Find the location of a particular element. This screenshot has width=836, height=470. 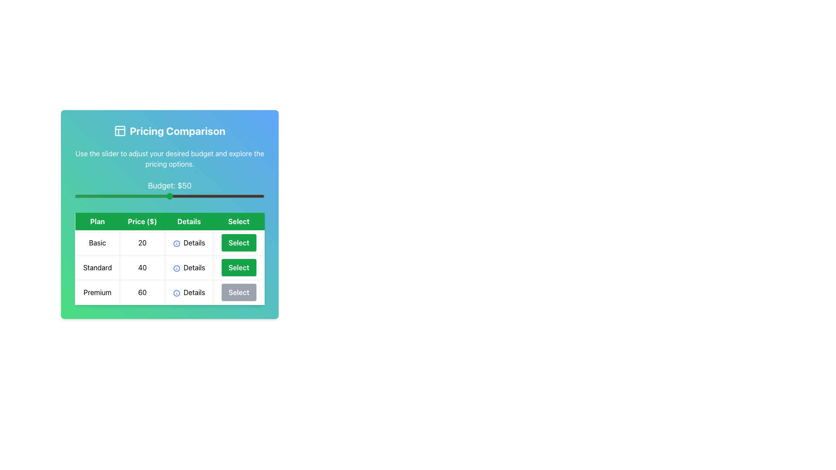

the 'Details' interactive text with an icon in the 'Standard' row of the pricing table is located at coordinates (169, 267).